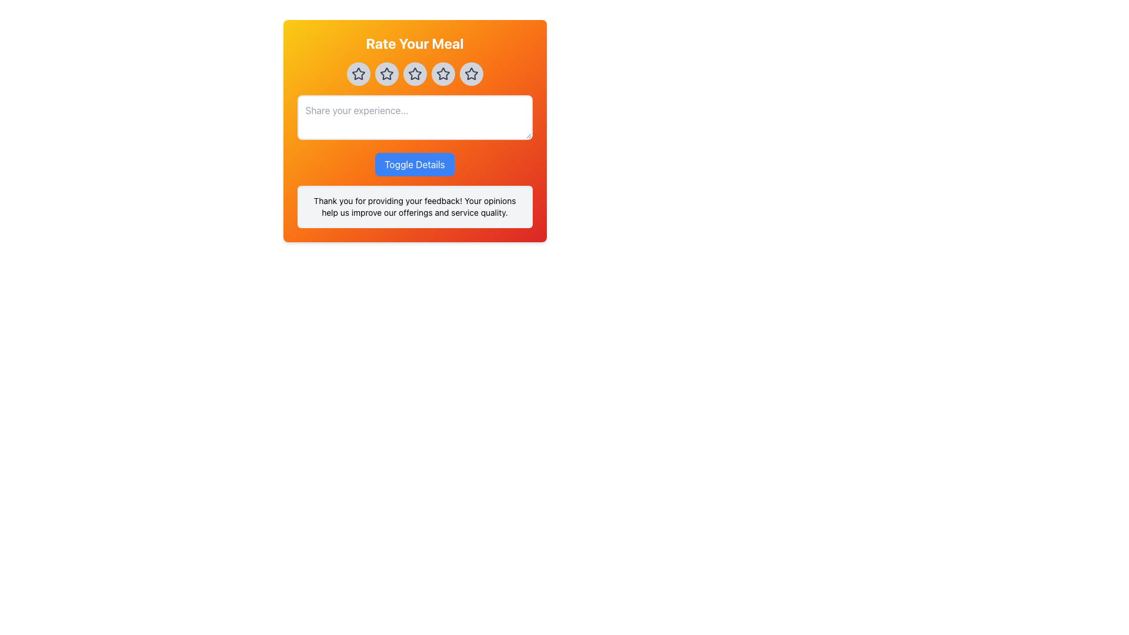  What do you see at coordinates (415, 165) in the screenshot?
I see `the toggle button located centrally within its card-like section` at bounding box center [415, 165].